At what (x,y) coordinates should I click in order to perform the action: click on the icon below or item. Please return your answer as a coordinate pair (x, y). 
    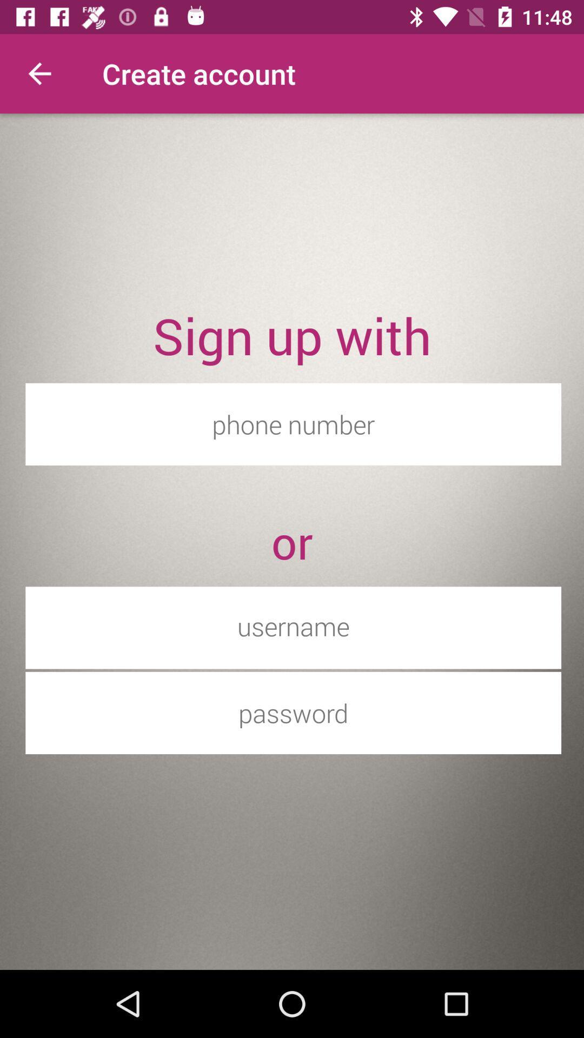
    Looking at the image, I should click on (293, 626).